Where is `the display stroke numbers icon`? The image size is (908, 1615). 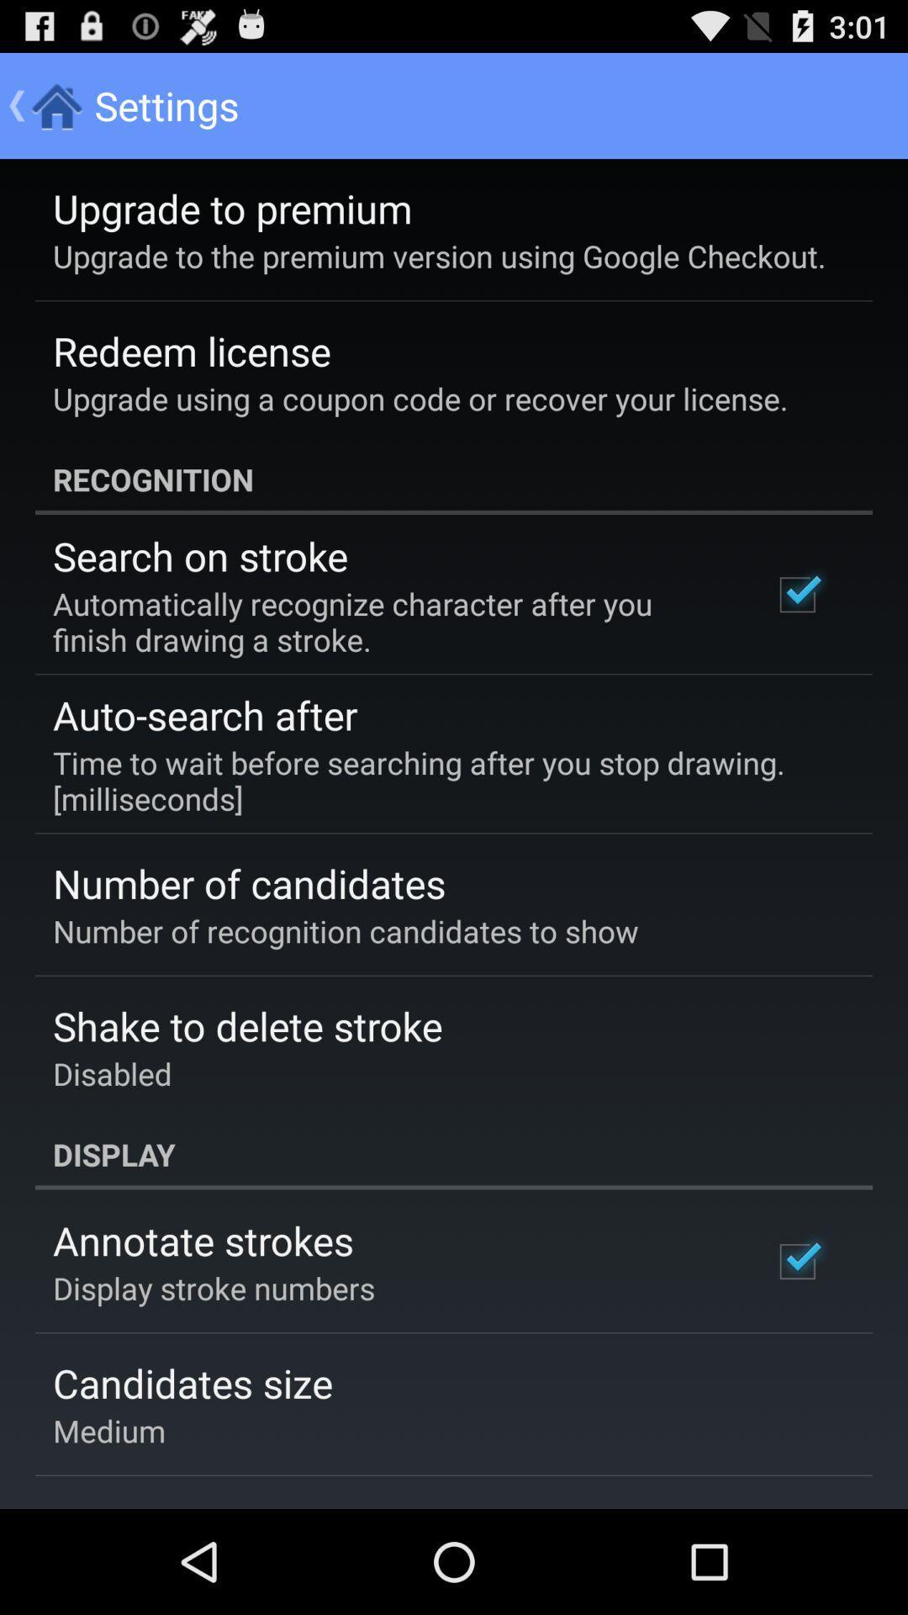
the display stroke numbers icon is located at coordinates (213, 1287).